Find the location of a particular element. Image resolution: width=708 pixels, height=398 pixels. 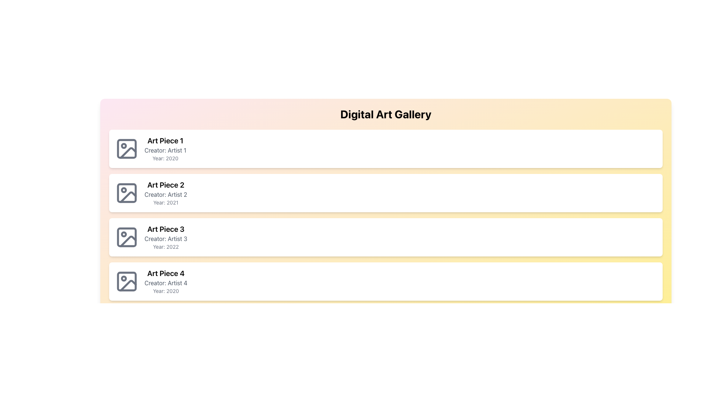

the rounded rectangular element inside the photo placeholder icon for 'Art Piece 3' located in the third row of the list is located at coordinates (127, 237).